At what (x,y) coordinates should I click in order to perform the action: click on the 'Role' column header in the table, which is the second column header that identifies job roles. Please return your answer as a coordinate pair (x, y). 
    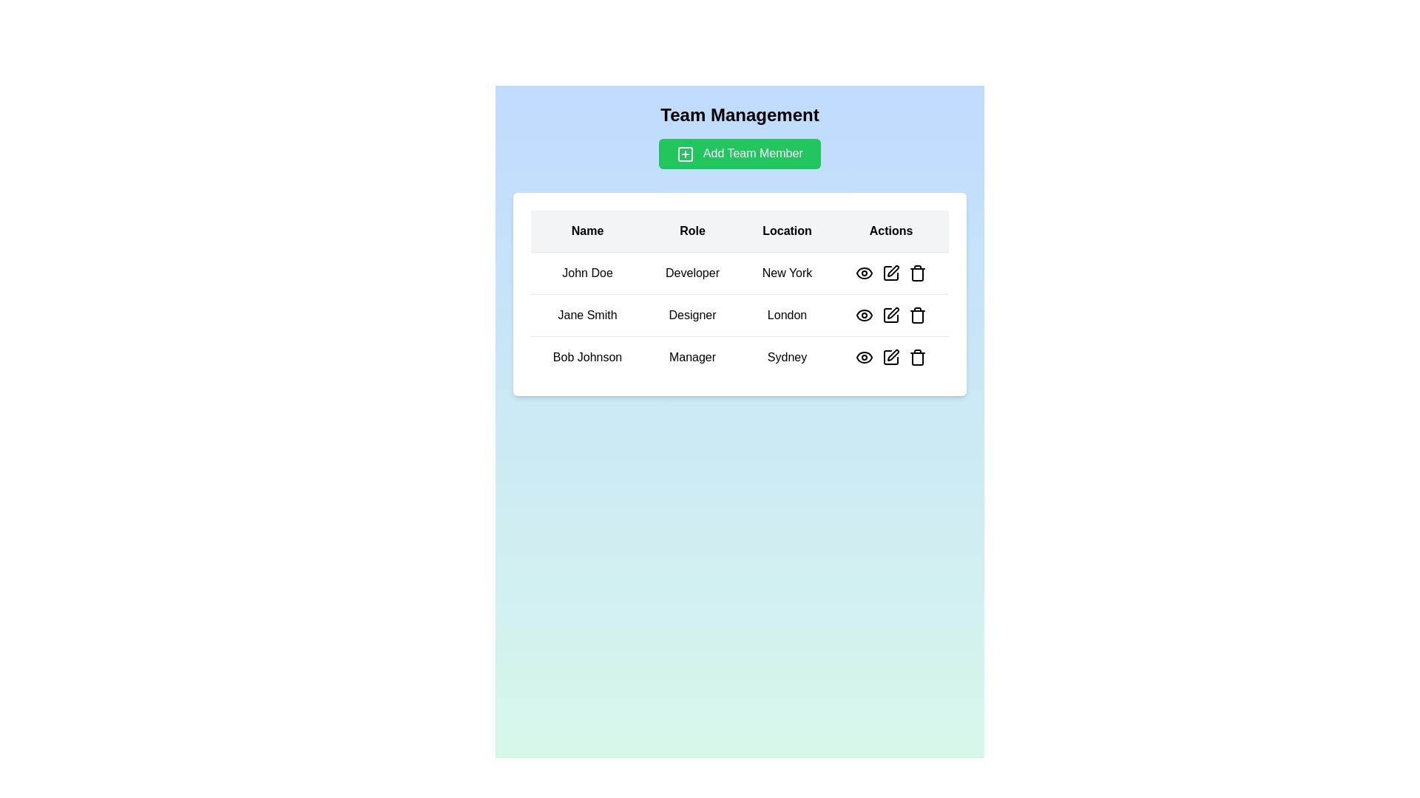
    Looking at the image, I should click on (692, 231).